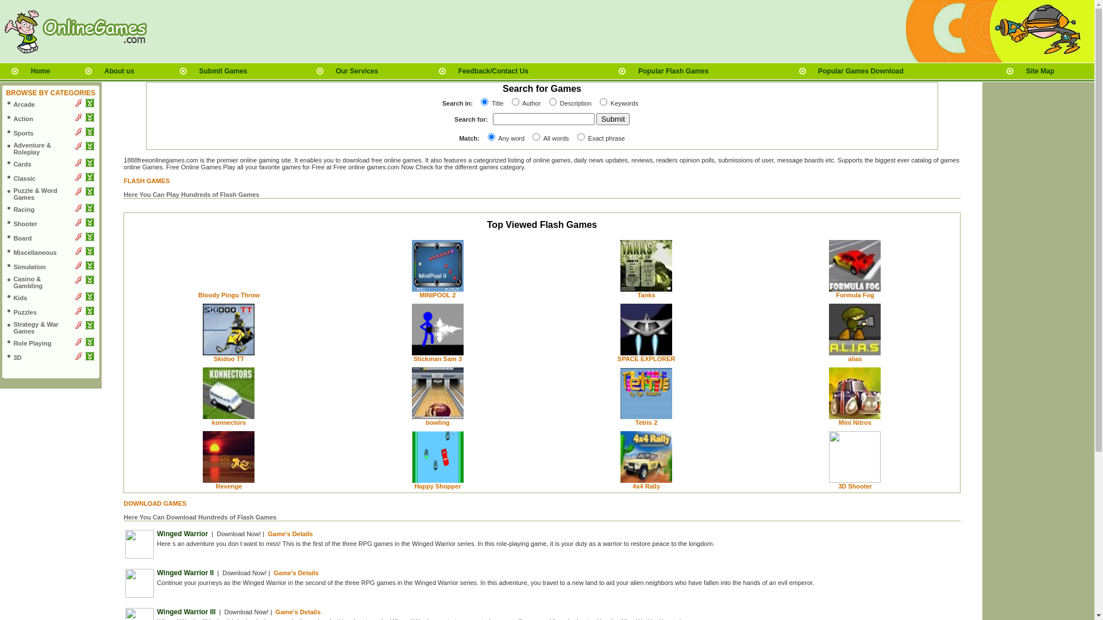 The height and width of the screenshot is (620, 1103). I want to click on 'Play Role Playing Flash Games', so click(78, 343).